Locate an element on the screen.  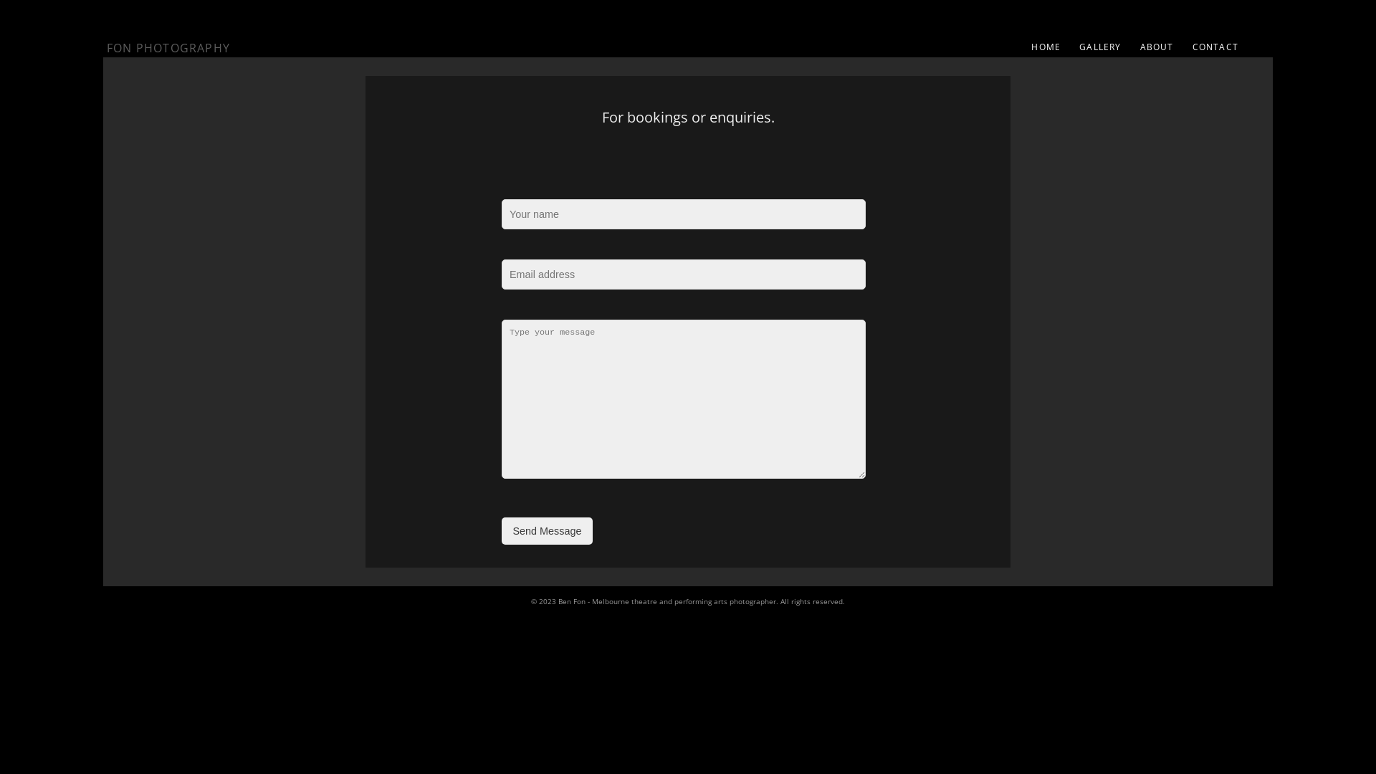
'ABOUT' is located at coordinates (1157, 46).